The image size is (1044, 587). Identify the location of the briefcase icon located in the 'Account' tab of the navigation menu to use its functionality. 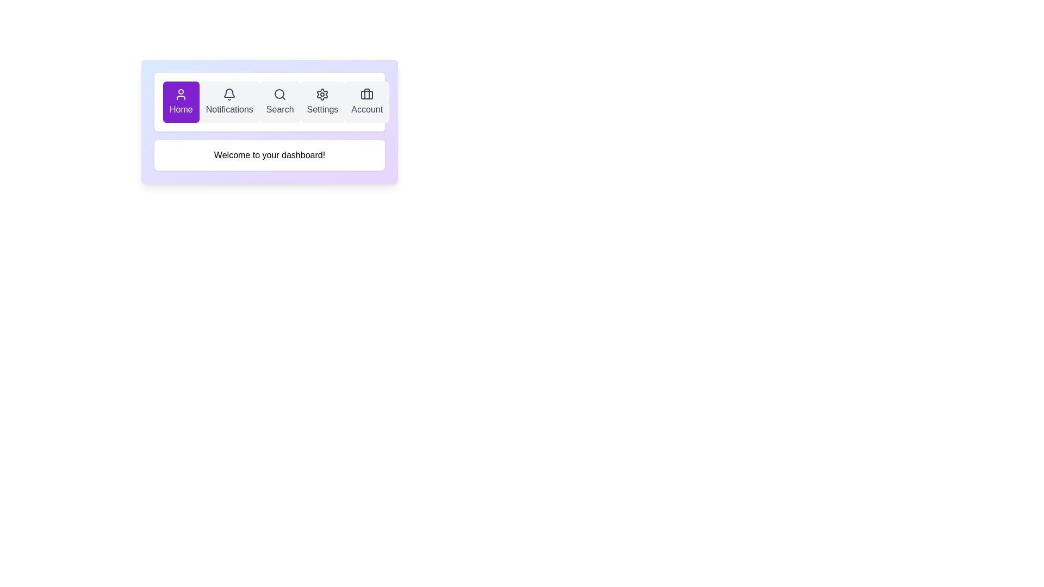
(367, 93).